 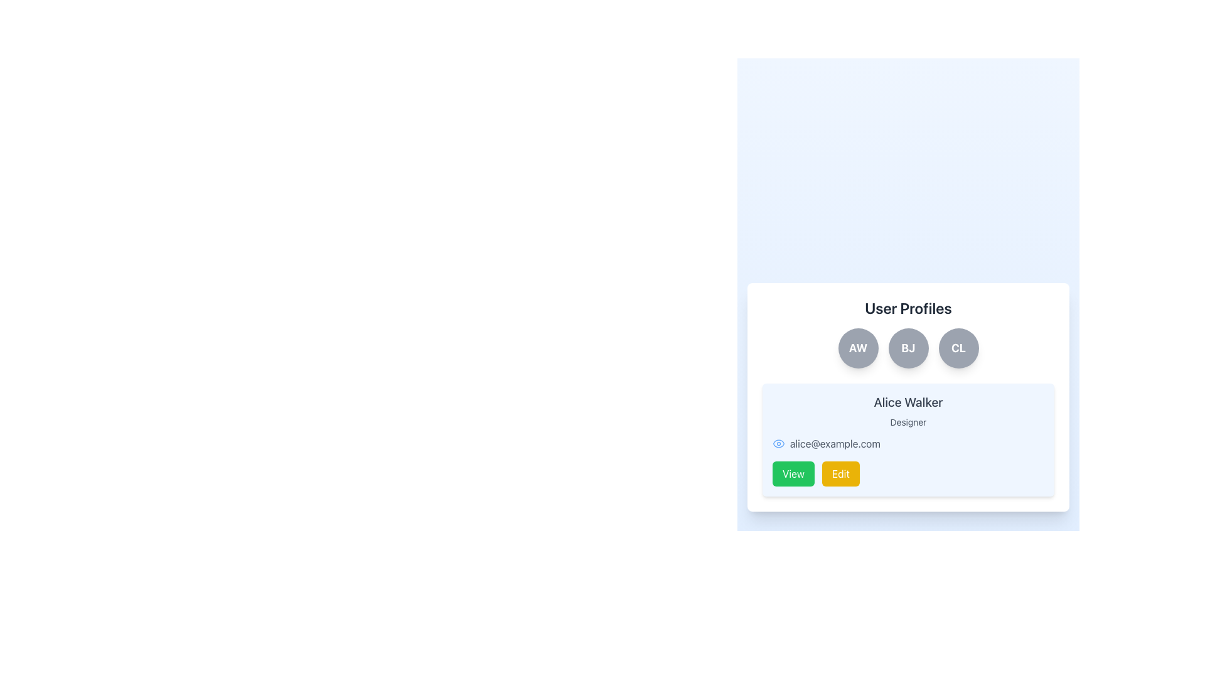 I want to click on the user profile selector button located below the 'User Profiles' heading, so click(x=857, y=348).